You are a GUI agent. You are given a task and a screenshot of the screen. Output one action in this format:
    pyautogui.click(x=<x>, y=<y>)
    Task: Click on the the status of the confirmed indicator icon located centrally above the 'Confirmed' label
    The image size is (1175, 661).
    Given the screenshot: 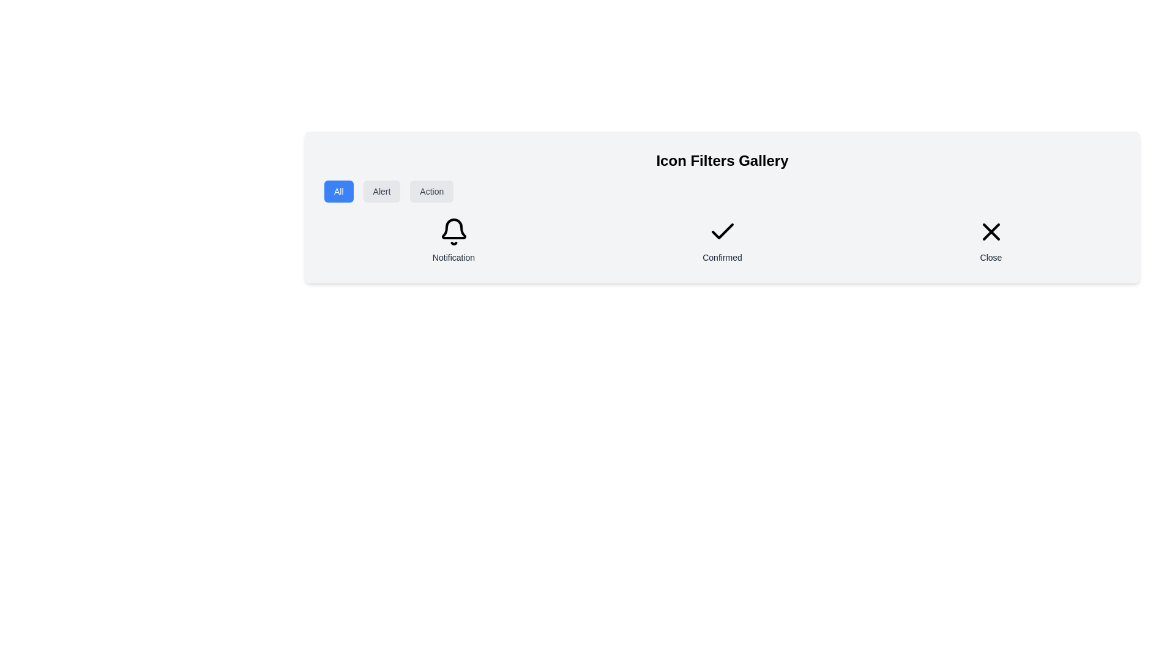 What is the action you would take?
    pyautogui.click(x=722, y=231)
    